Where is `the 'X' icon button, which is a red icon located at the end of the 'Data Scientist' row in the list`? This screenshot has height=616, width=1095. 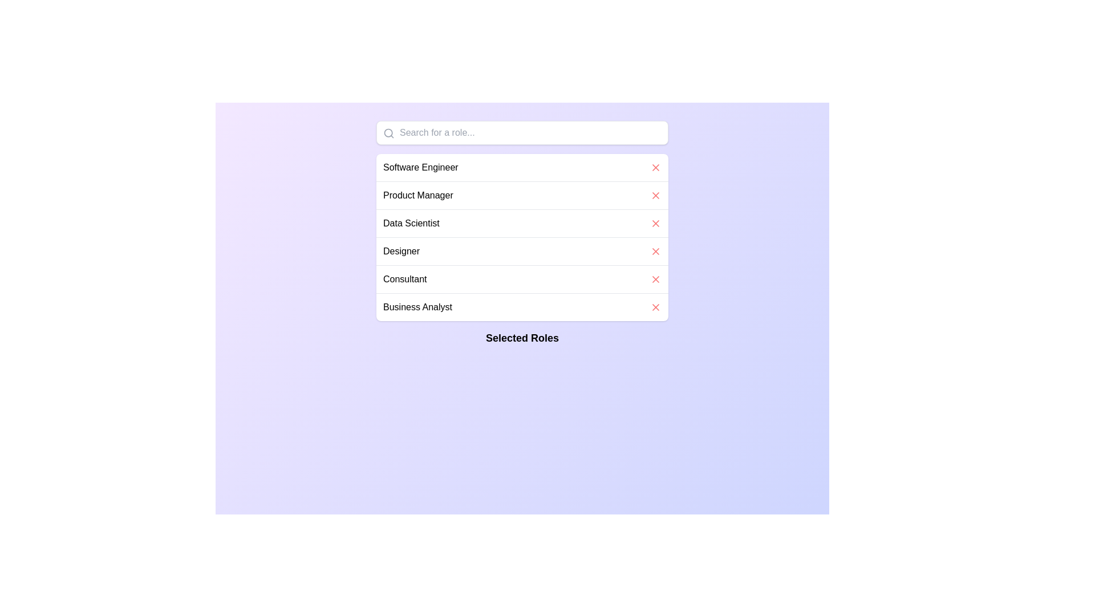
the 'X' icon button, which is a red icon located at the end of the 'Data Scientist' row in the list is located at coordinates (656, 224).